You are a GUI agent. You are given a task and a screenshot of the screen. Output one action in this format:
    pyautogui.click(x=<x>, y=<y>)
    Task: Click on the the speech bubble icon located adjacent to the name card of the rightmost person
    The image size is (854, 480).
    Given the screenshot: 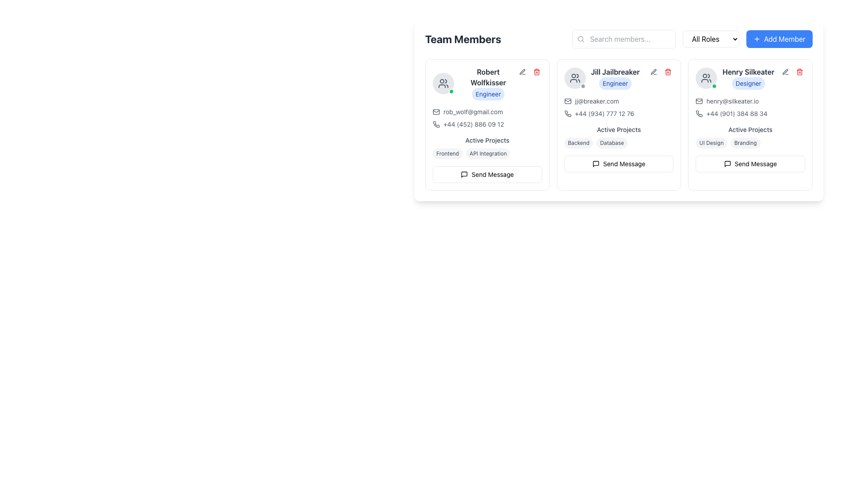 What is the action you would take?
    pyautogui.click(x=464, y=175)
    